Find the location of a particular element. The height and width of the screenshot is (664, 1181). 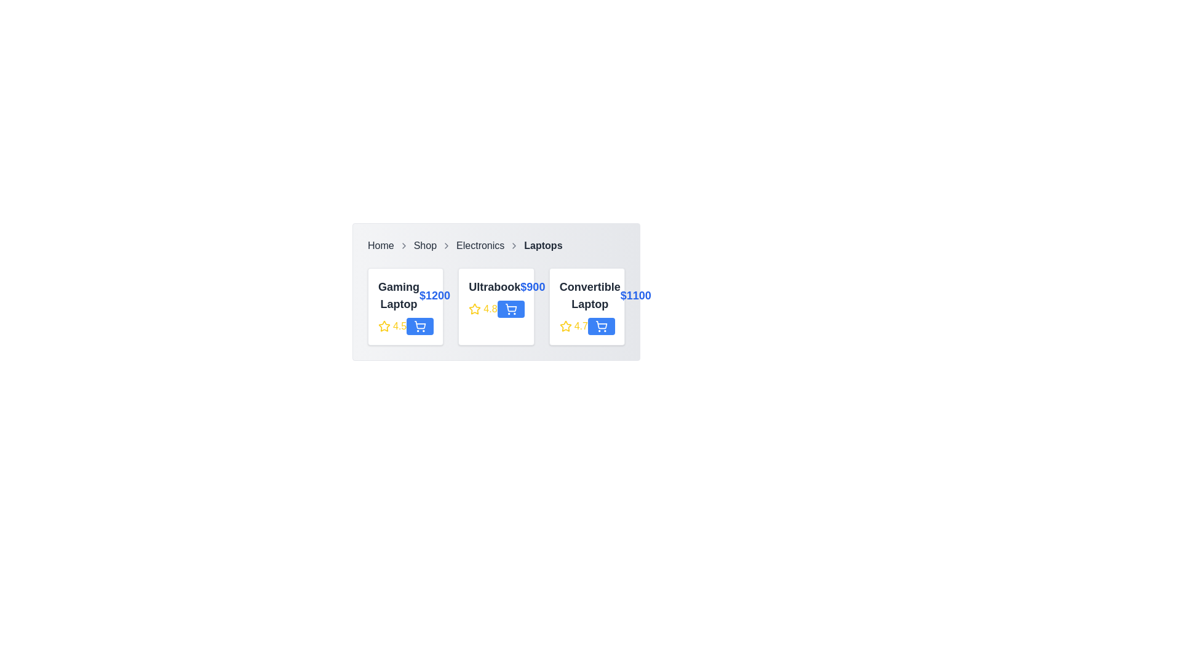

the non-interactive Breadcrumb link displaying 'Laptops', which is styled in bold dark font and is the last item in the breadcrumb navigation is located at coordinates (543, 246).